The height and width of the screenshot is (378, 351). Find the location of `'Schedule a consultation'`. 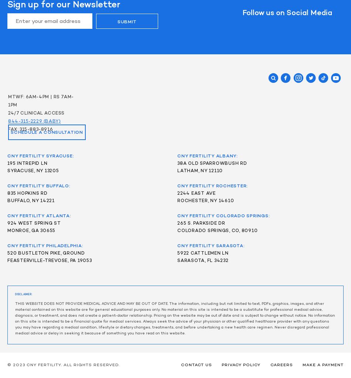

'Schedule a consultation' is located at coordinates (47, 132).